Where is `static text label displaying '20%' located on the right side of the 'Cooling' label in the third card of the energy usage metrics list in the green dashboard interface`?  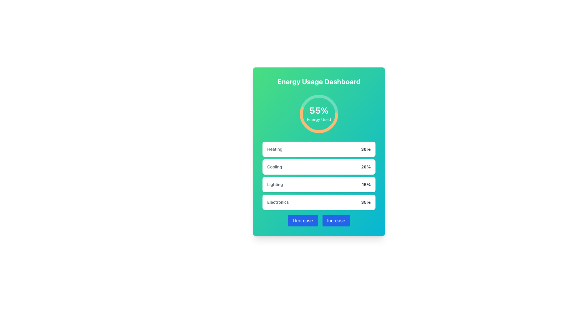
static text label displaying '20%' located on the right side of the 'Cooling' label in the third card of the energy usage metrics list in the green dashboard interface is located at coordinates (365, 167).